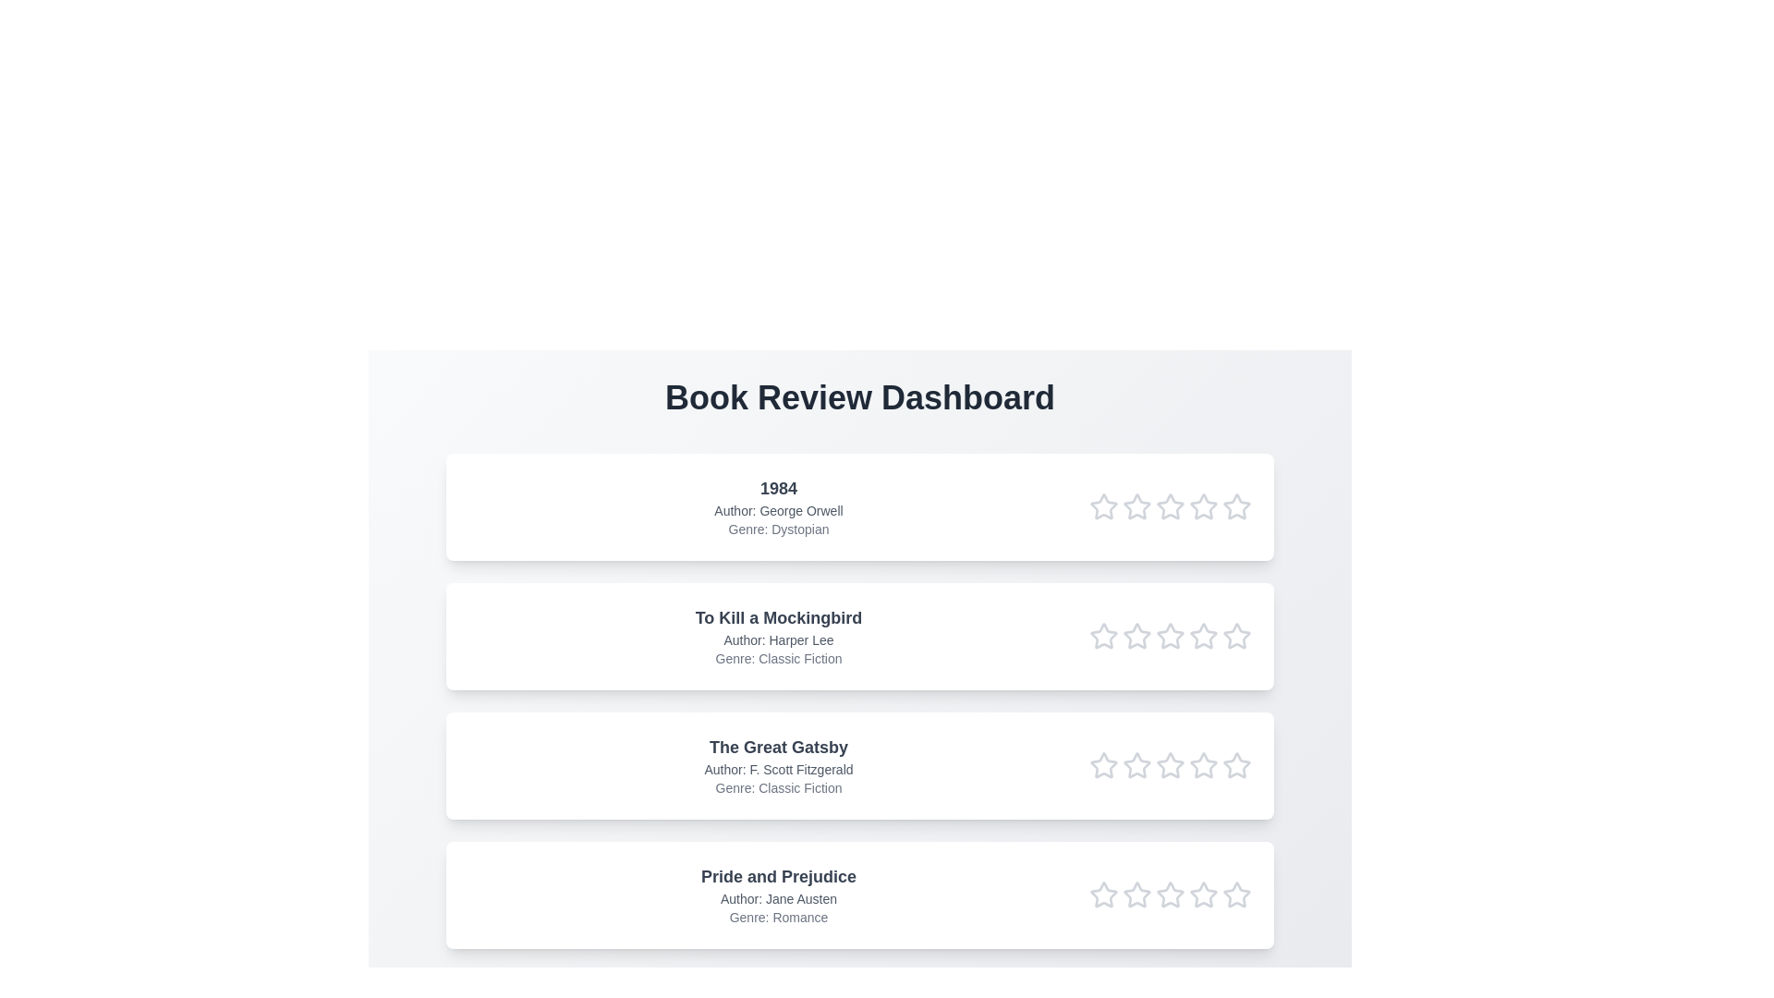  I want to click on the rating of the book 'Pride and Prejudice' to 3 stars by clicking on the respective star, so click(1170, 894).